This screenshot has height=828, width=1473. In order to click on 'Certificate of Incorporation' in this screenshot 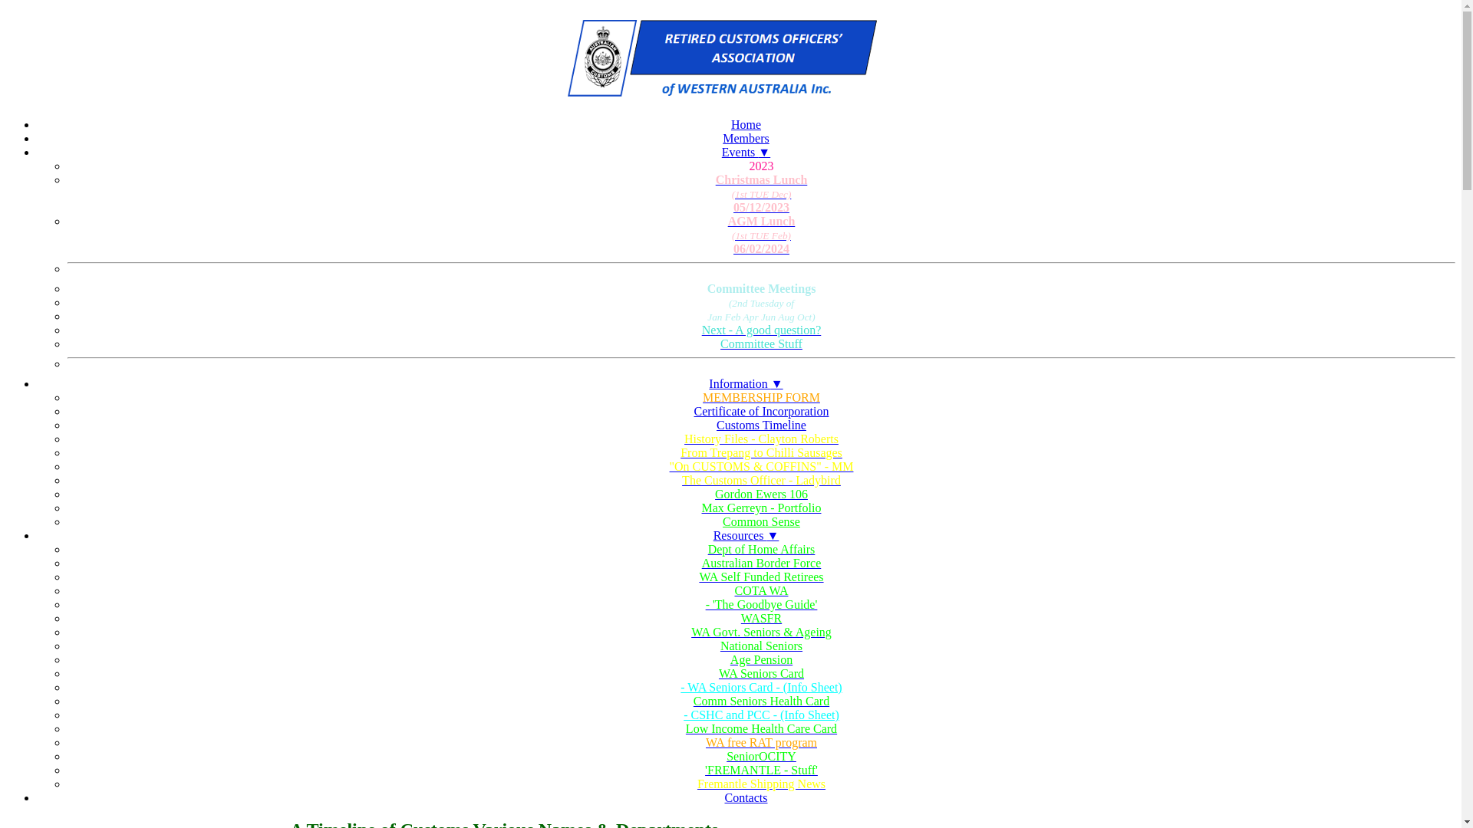, I will do `click(762, 410)`.